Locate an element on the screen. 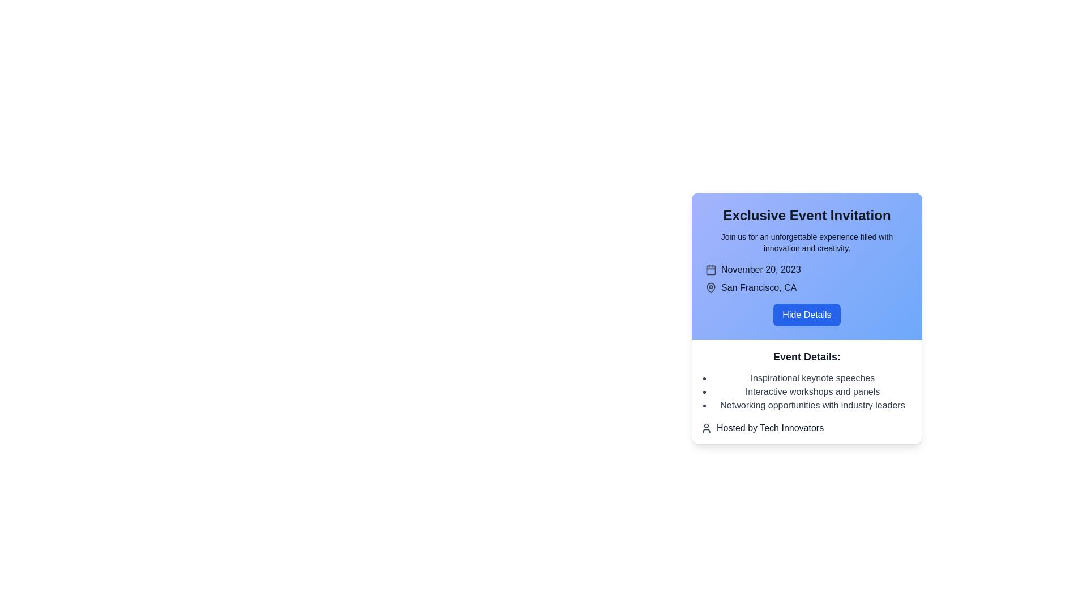  the graphical icon (map pin) located to the left of the text 'San Francisco, CA' in the event detail section is located at coordinates (711, 287).